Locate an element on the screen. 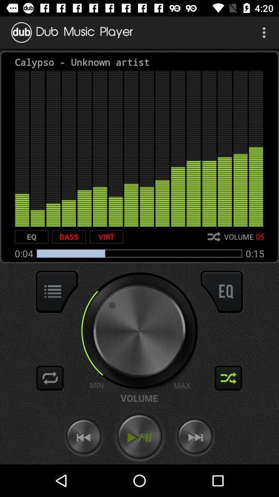  the item below 0:15 item is located at coordinates (221, 291).